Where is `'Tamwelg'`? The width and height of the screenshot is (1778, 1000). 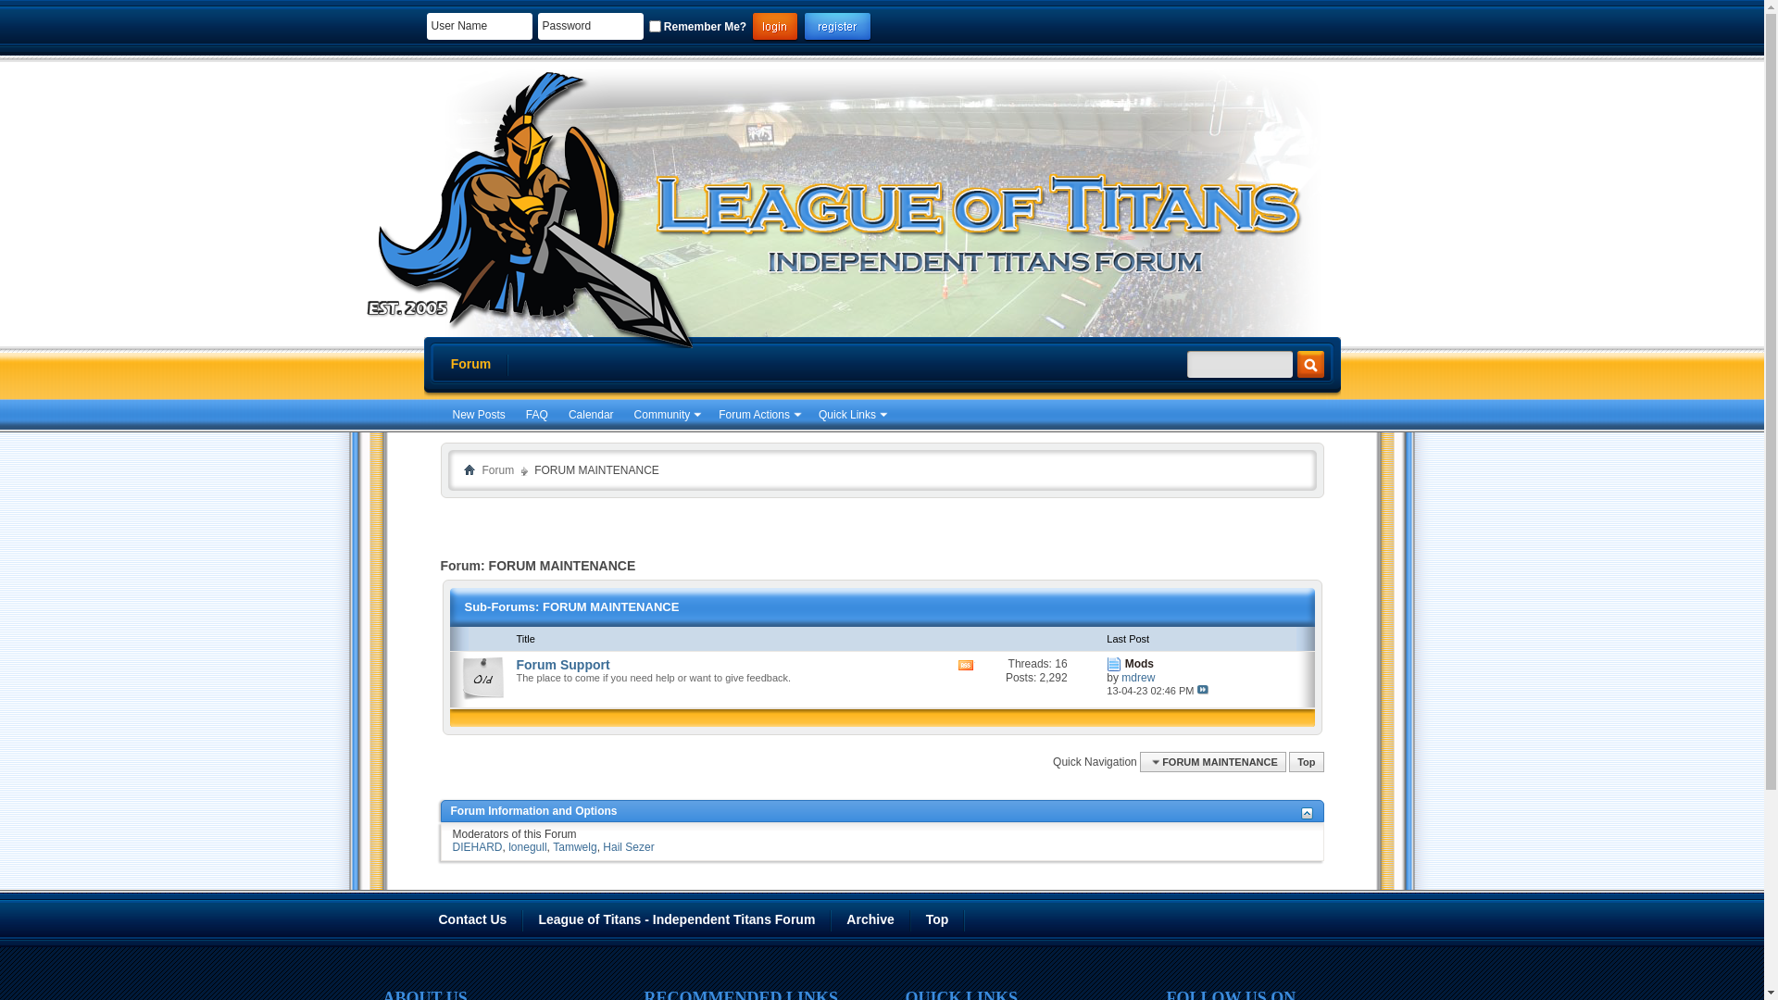 'Tamwelg' is located at coordinates (573, 846).